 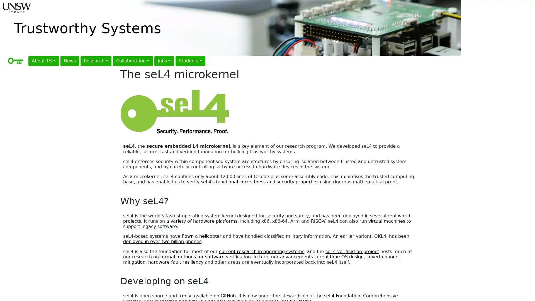 I want to click on Students, so click(x=190, y=61).